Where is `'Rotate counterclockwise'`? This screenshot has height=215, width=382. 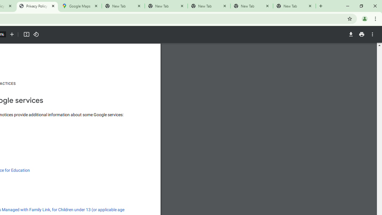 'Rotate counterclockwise' is located at coordinates (36, 34).